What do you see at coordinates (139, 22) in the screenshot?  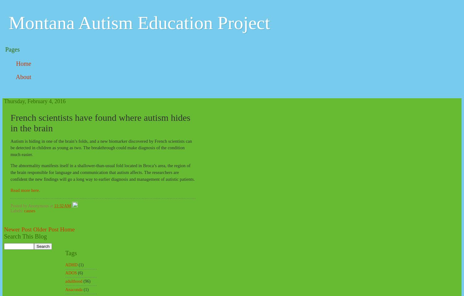 I see `'Montana Autism Education Project'` at bounding box center [139, 22].